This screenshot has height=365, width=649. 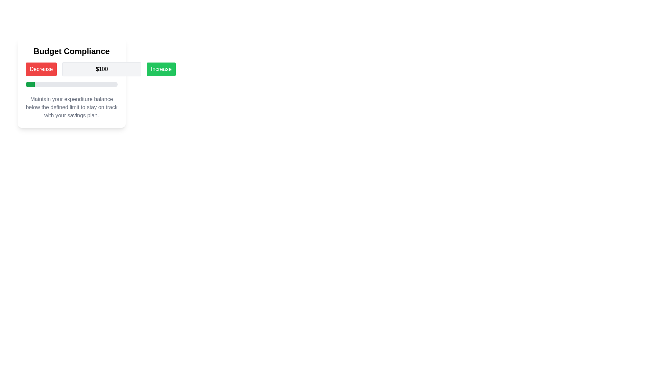 What do you see at coordinates (161, 69) in the screenshot?
I see `the green 'Increase' button with white text to increase the value` at bounding box center [161, 69].